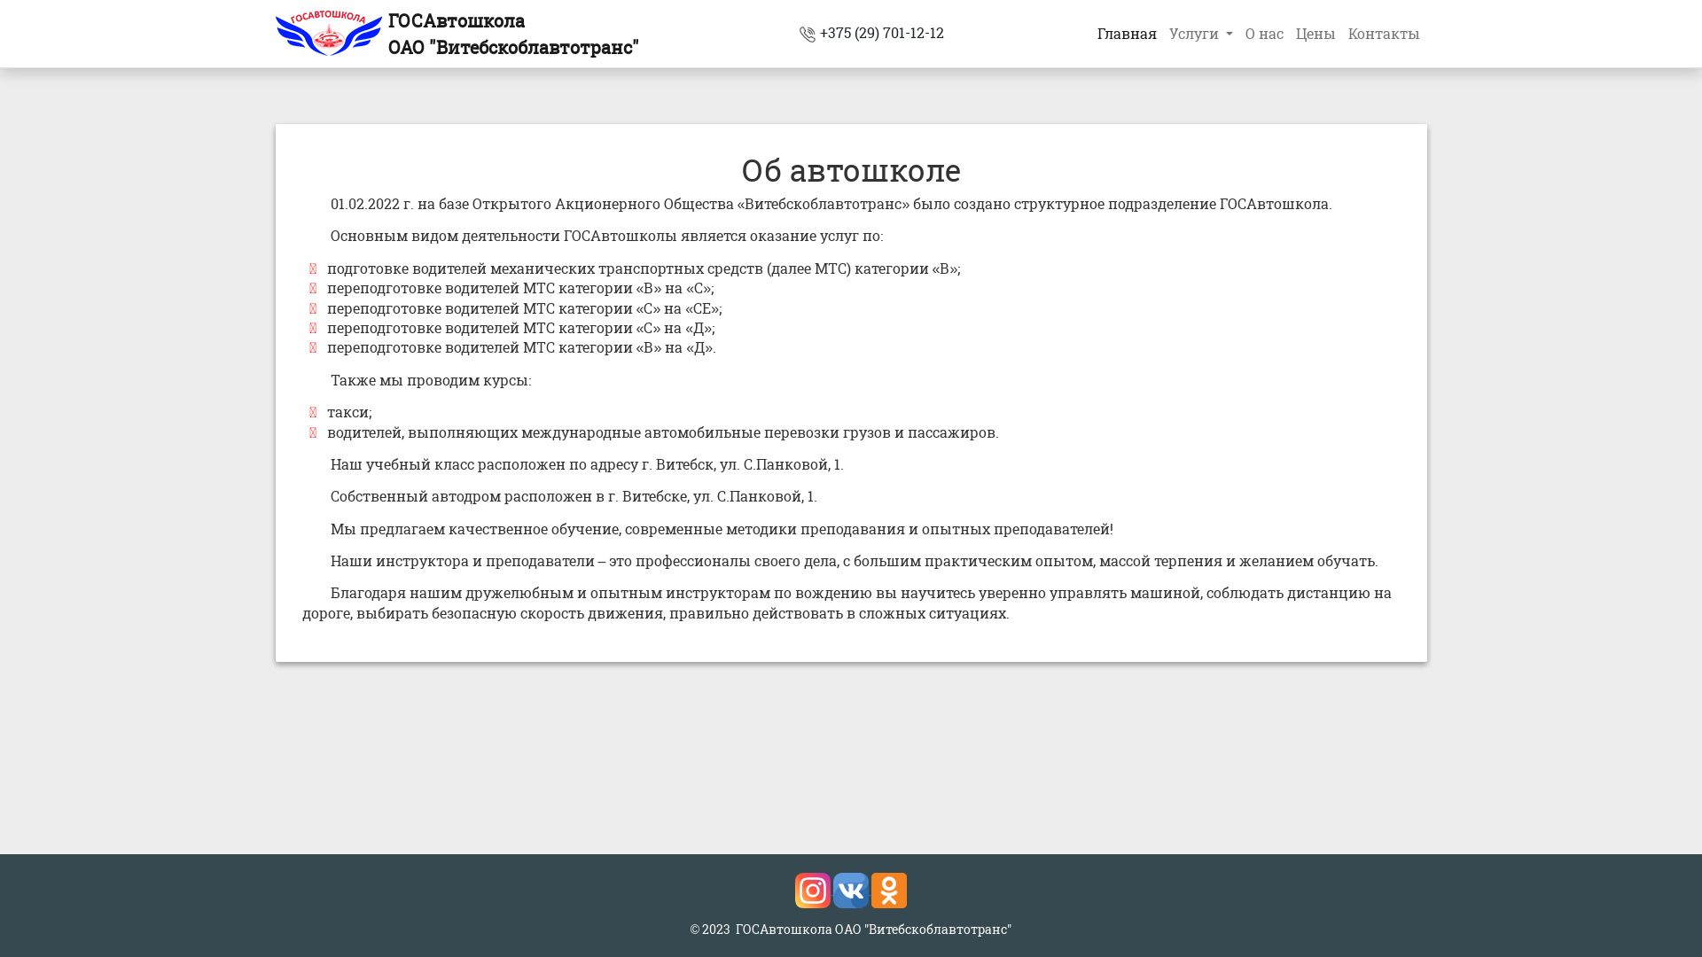 This screenshot has height=957, width=1702. I want to click on '+375 (29) 701-12-12', so click(881, 32).